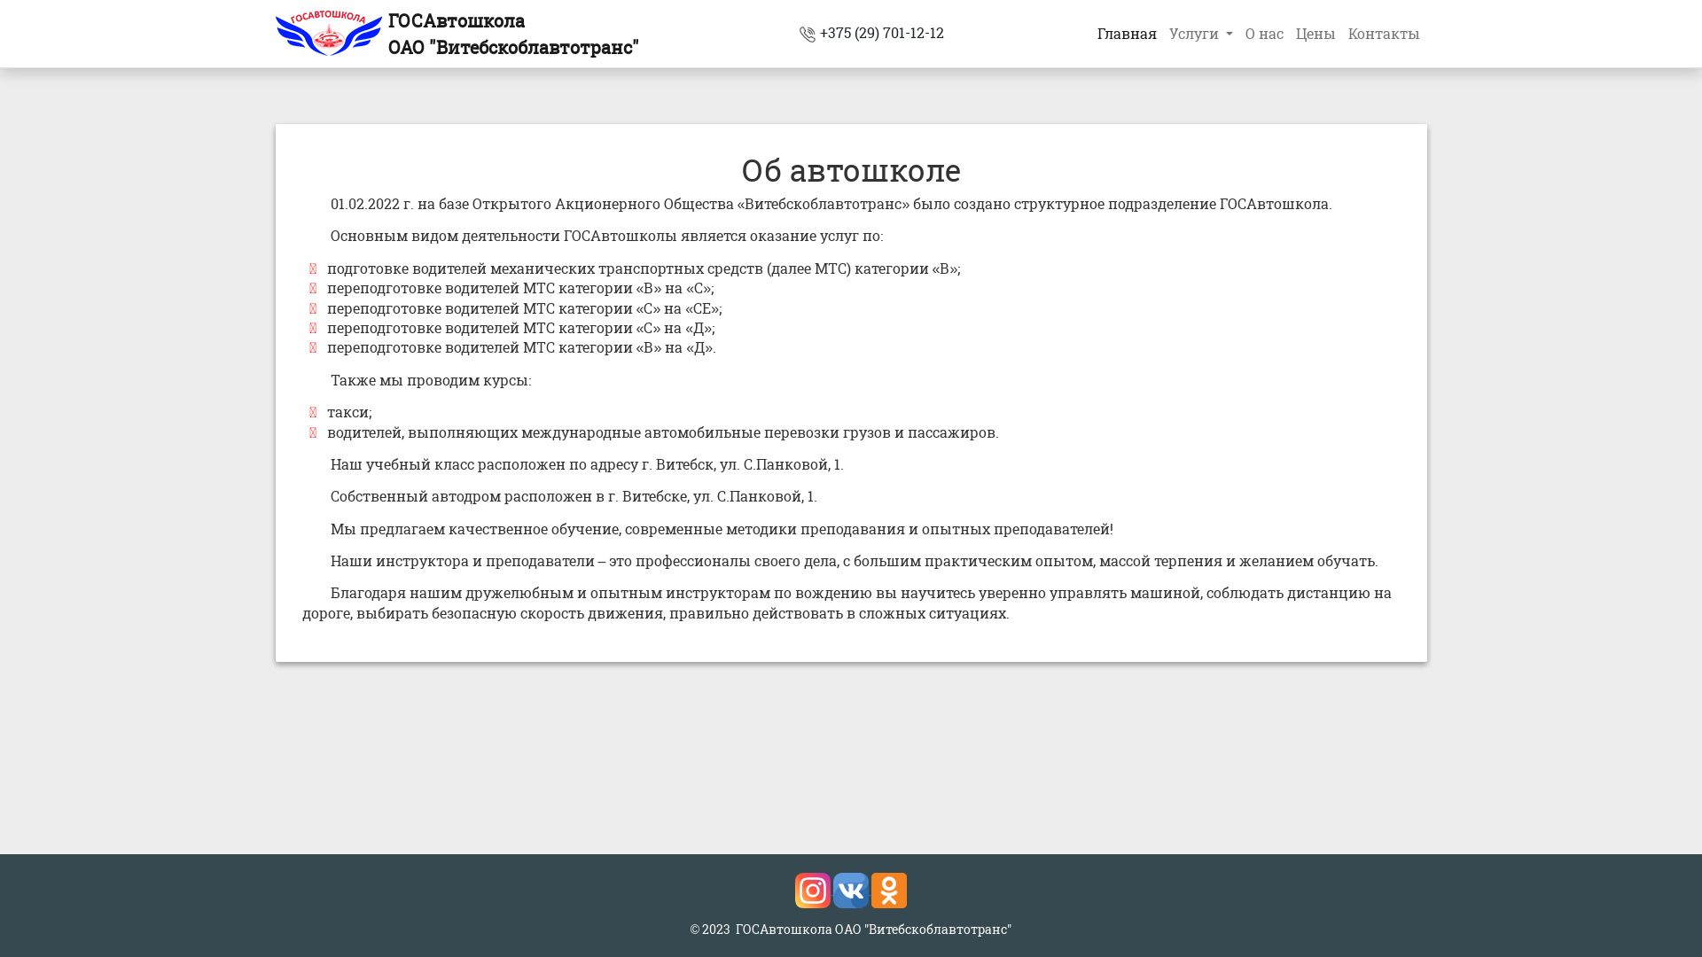 This screenshot has height=957, width=1702. I want to click on '+375 (29) 701-12-12', so click(881, 32).